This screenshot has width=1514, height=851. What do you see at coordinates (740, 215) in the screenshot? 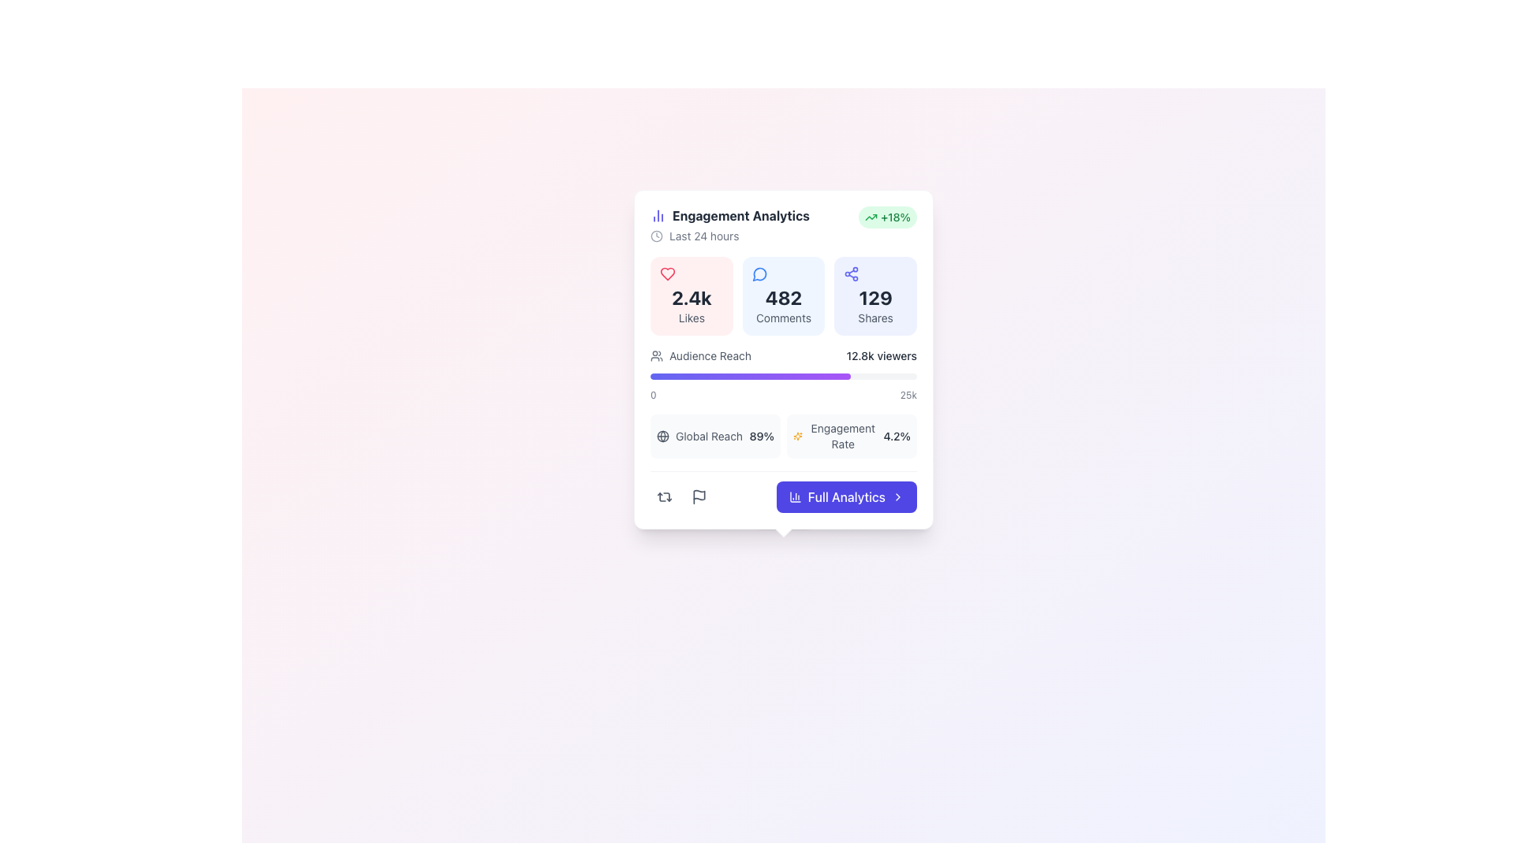
I see `the Text label (header) that serves as a title for the metrics summary card, located at the center top of the card, following the chart icon` at bounding box center [740, 215].